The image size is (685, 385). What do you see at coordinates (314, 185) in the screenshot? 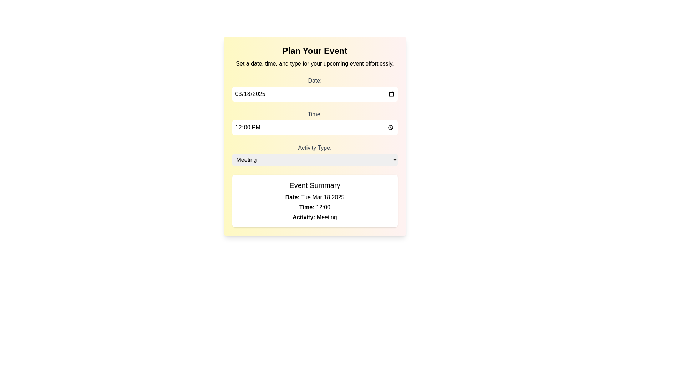
I see `the static text header element that serves as the title for event-related details, positioned centrally at the top of the white card element` at bounding box center [314, 185].